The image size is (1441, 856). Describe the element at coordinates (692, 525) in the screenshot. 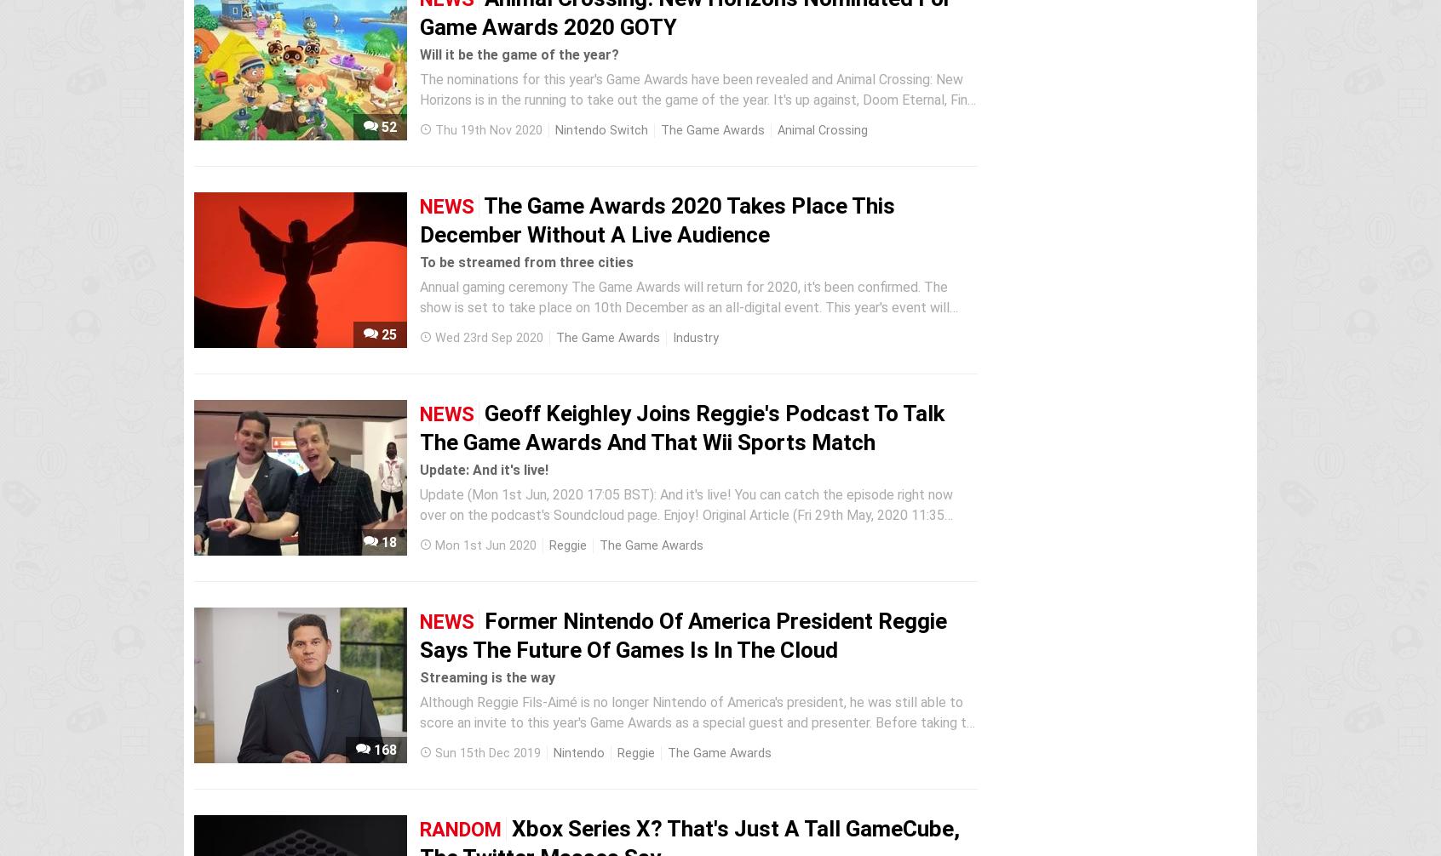

I see `'Update (Mon 1st Jun, 2020 17:05 BST): And it's live! You can catch the episode right now over on the podcast's Soundcloud page. Enjoy! 

Original Article (Fri 29th May, 2020 11:35 BST): The newest episode of Talking Games with Reggie & Harold, a podcast set up by ex-Nintendo of America president Reggie Fils-Aimé and...'` at that location.